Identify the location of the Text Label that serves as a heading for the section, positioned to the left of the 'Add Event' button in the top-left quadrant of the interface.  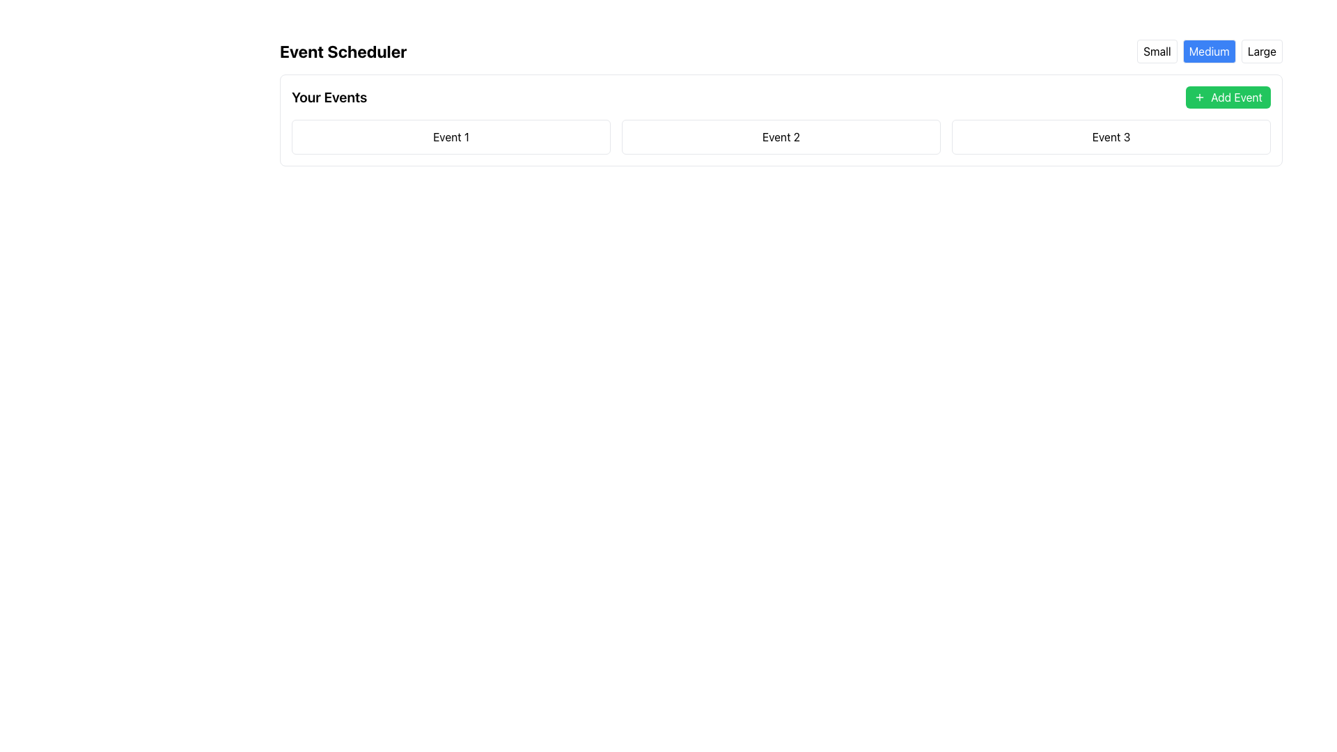
(329, 96).